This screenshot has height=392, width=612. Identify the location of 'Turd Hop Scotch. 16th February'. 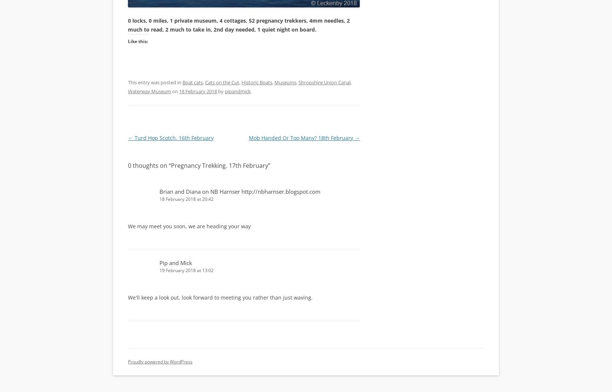
(173, 137).